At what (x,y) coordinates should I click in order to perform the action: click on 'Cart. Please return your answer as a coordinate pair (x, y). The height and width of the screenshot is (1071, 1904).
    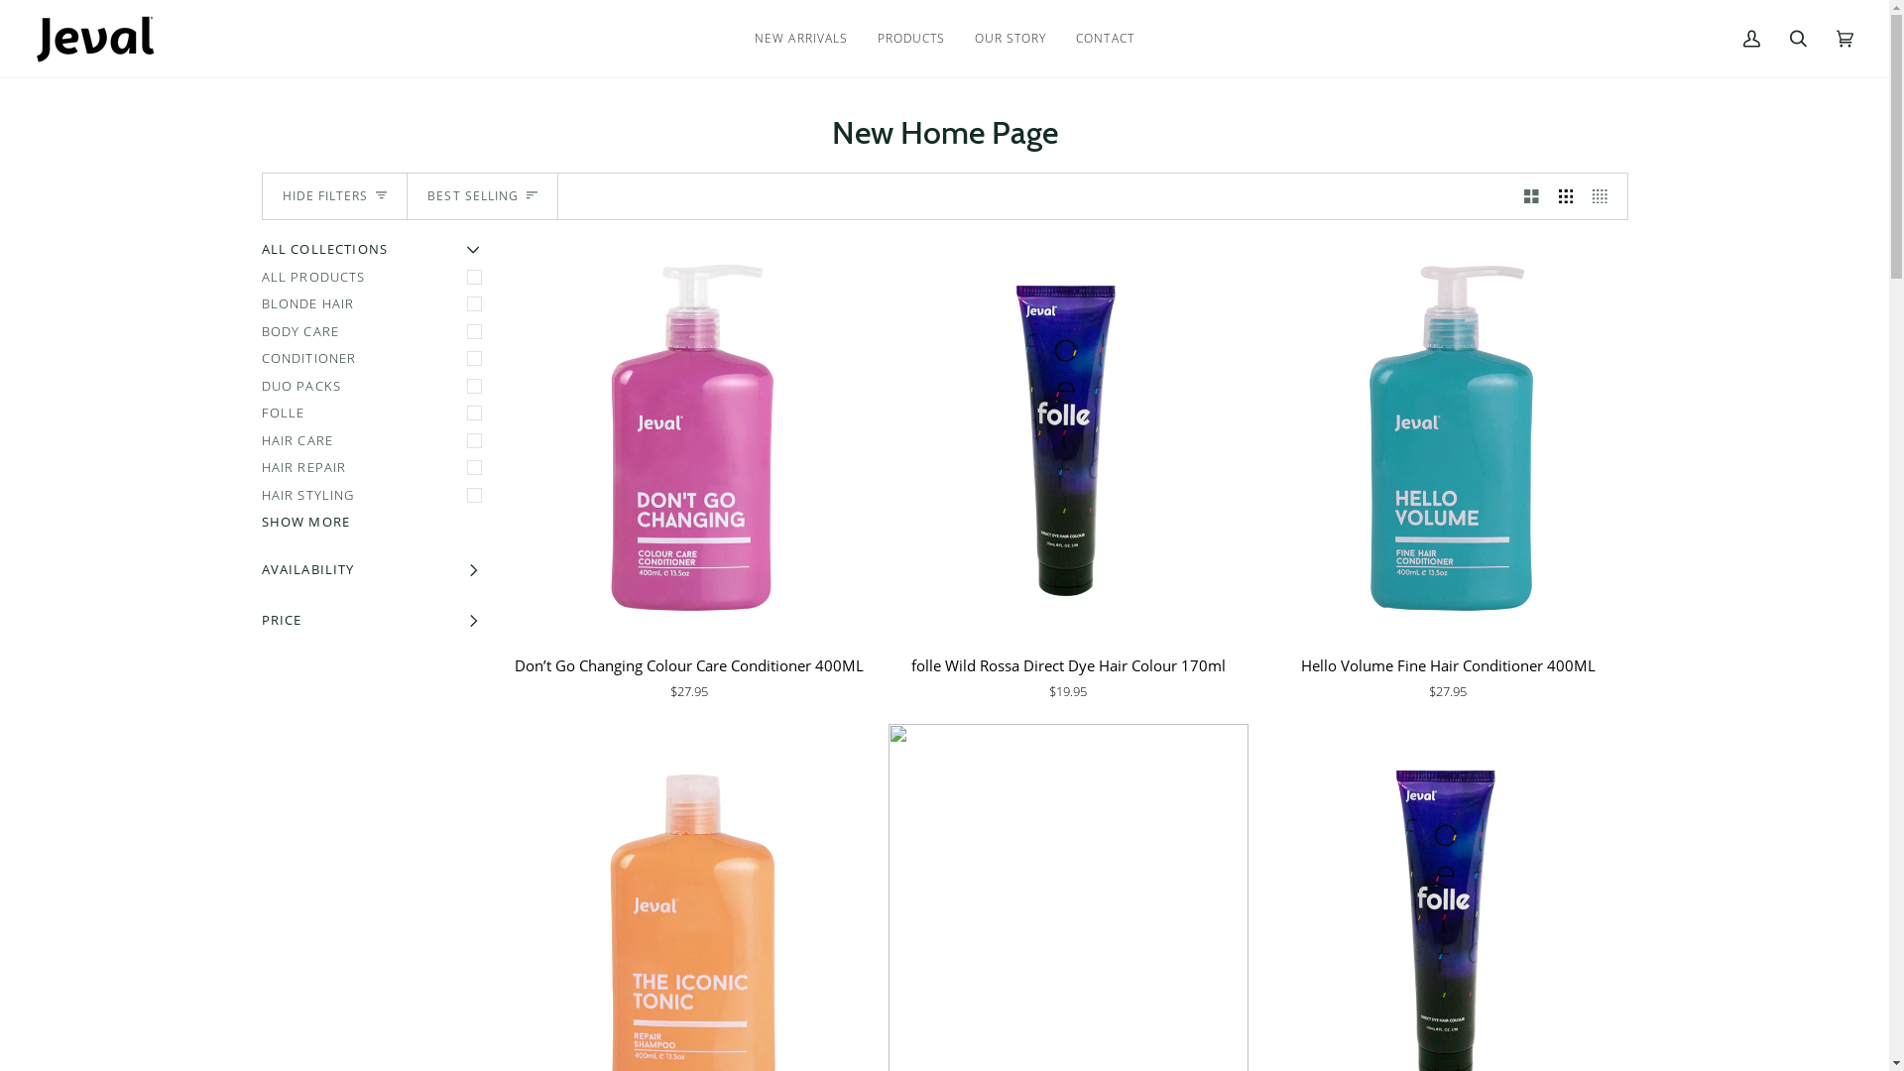
    Looking at the image, I should click on (1844, 38).